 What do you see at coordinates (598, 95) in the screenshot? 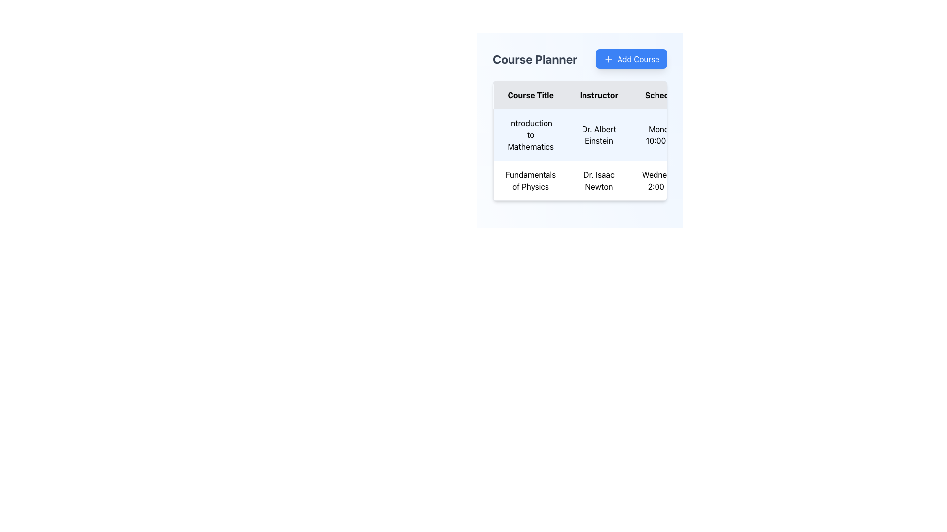
I see `the static text label that serves as the header for the 'Instructor' column in the table, positioned between 'Course Title' and 'Schedule'` at bounding box center [598, 95].